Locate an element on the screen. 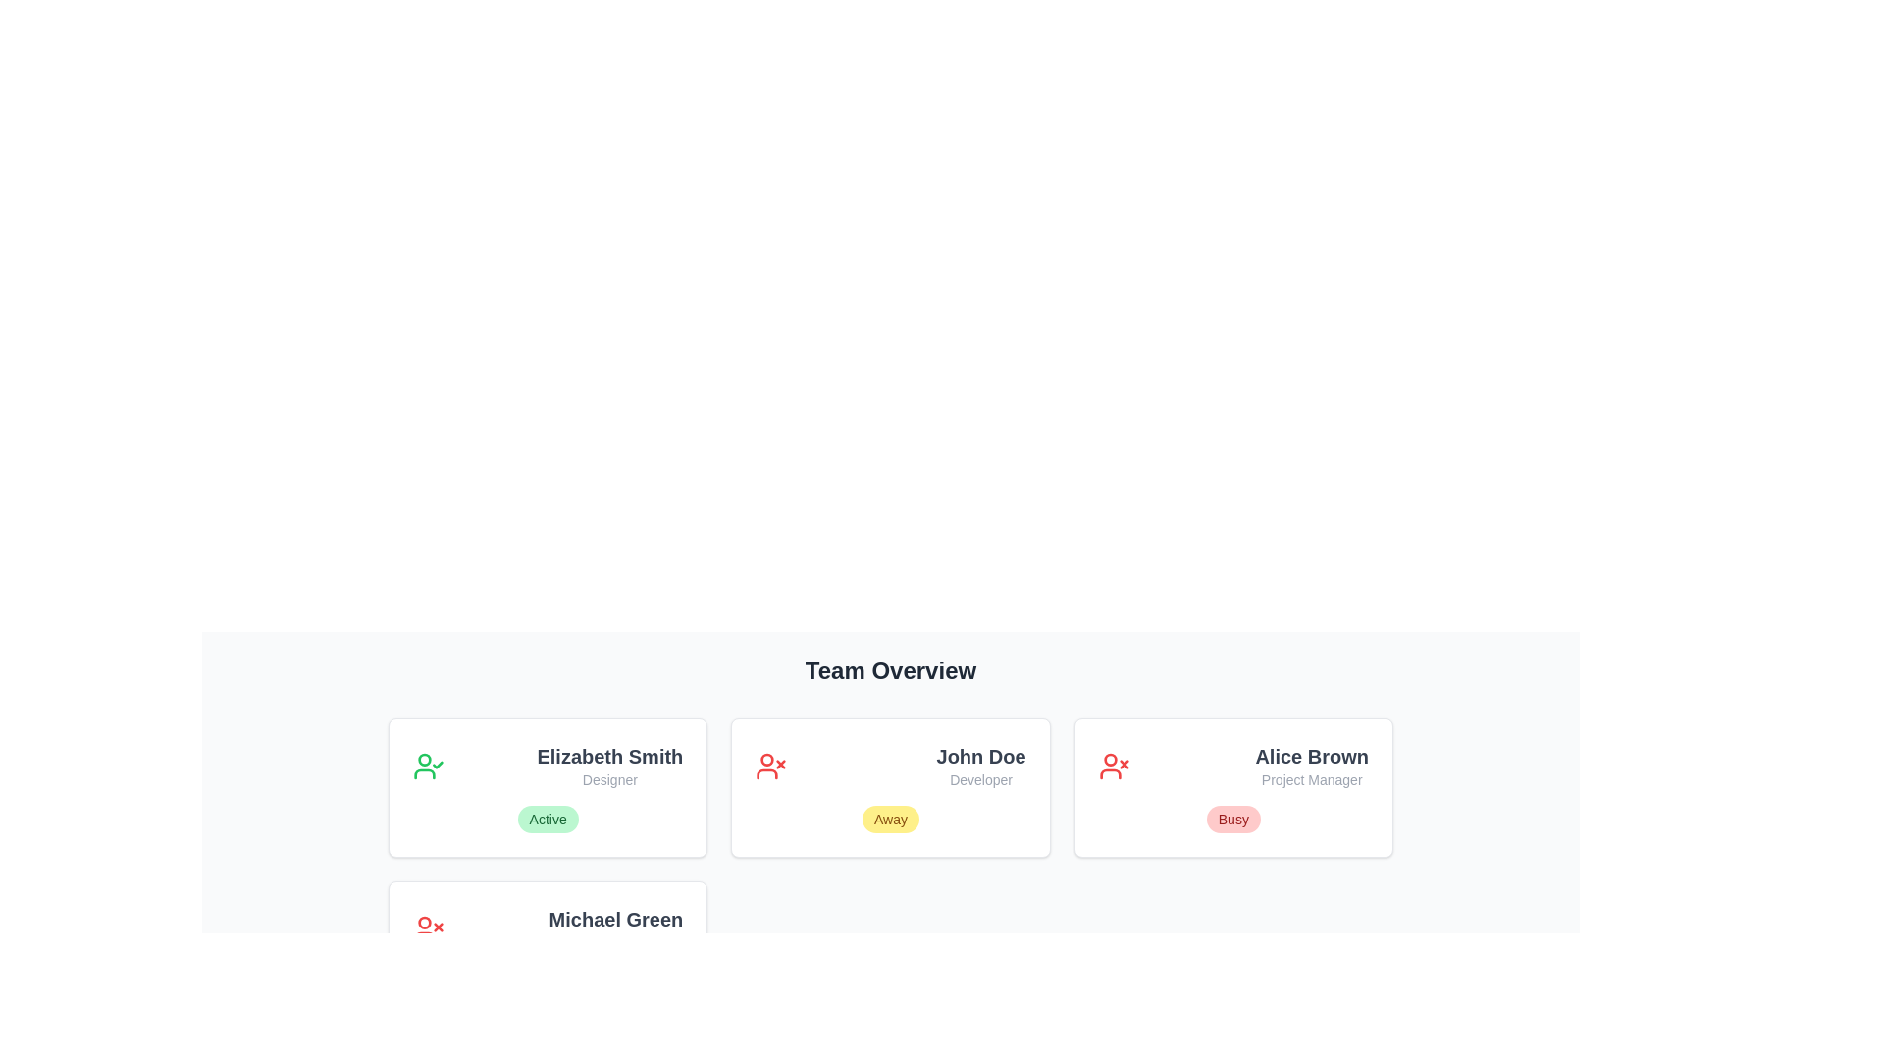 This screenshot has height=1060, width=1884. the decorative circular shape within the user icon representing 'Michael Green' located at the top-left corner of the card is located at coordinates (423, 923).